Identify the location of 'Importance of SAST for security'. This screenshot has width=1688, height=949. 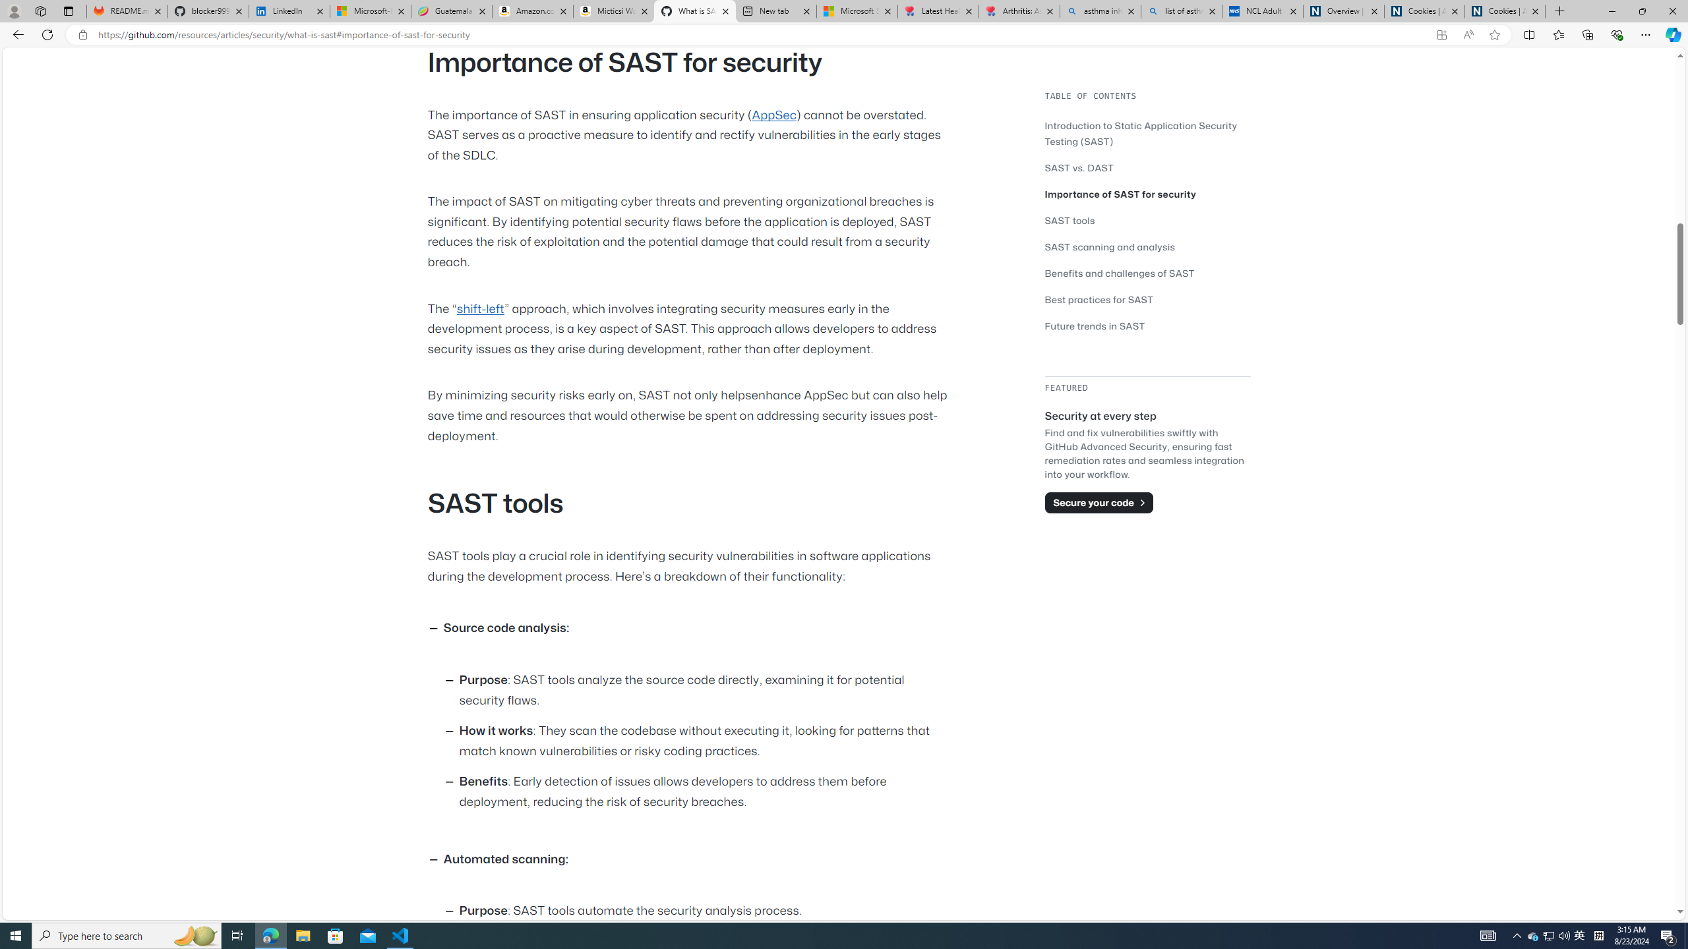
(1147, 194).